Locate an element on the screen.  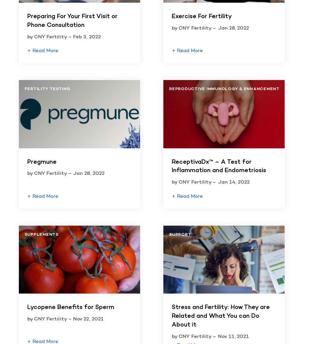
'ReceptivaDx™ – A Test for Inflammation and Endometriosis' is located at coordinates (171, 166).